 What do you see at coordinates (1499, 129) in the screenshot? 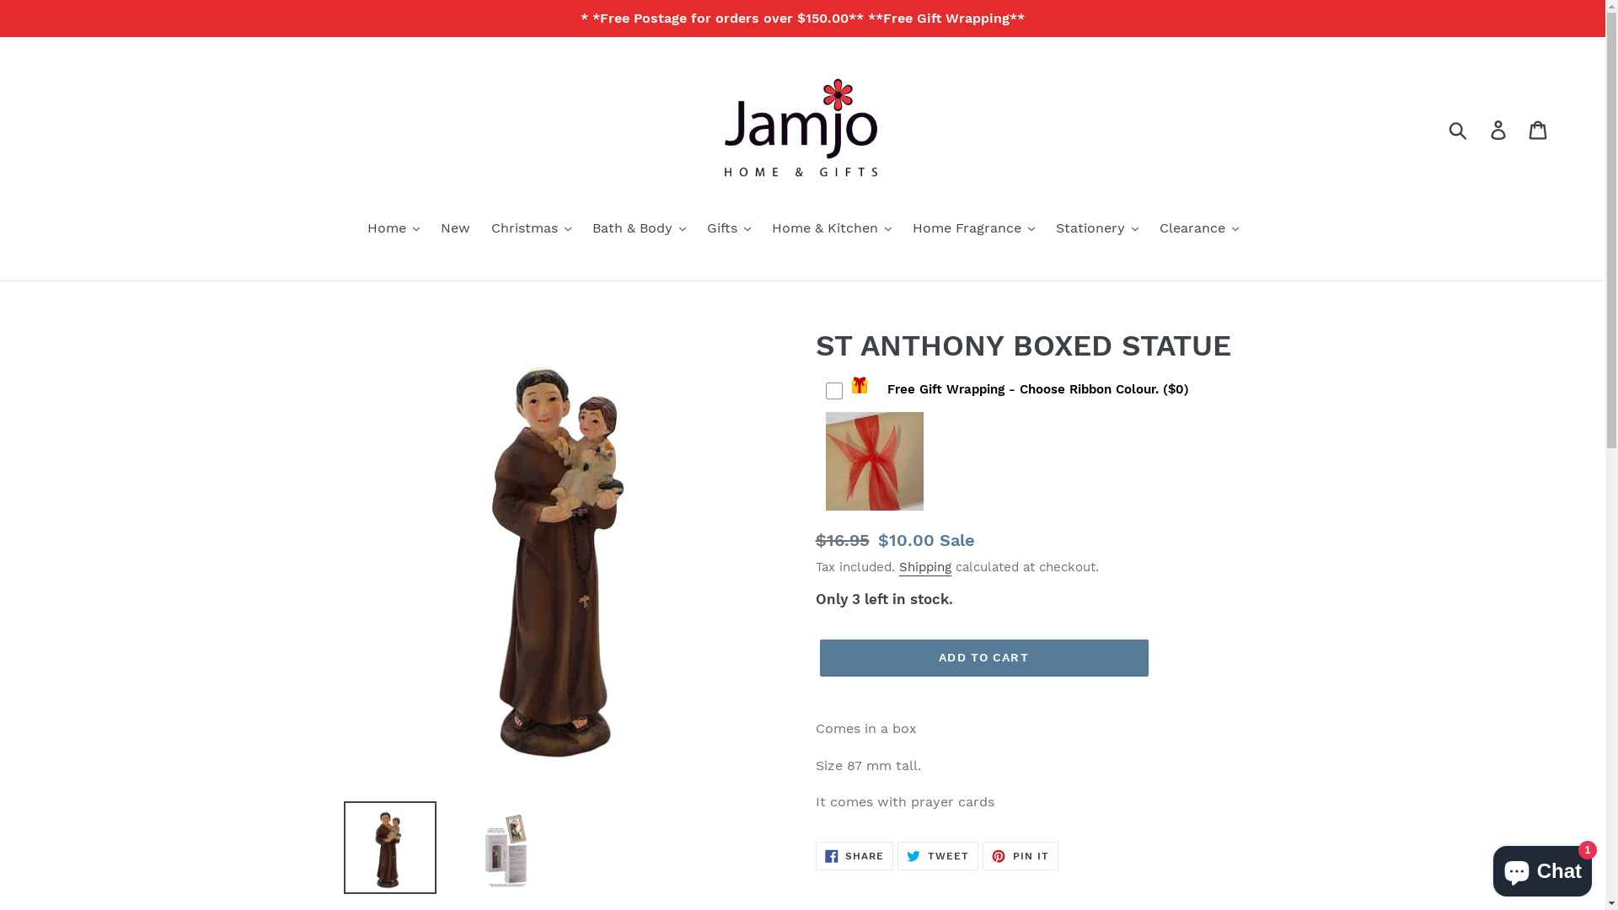
I see `'Log in'` at bounding box center [1499, 129].